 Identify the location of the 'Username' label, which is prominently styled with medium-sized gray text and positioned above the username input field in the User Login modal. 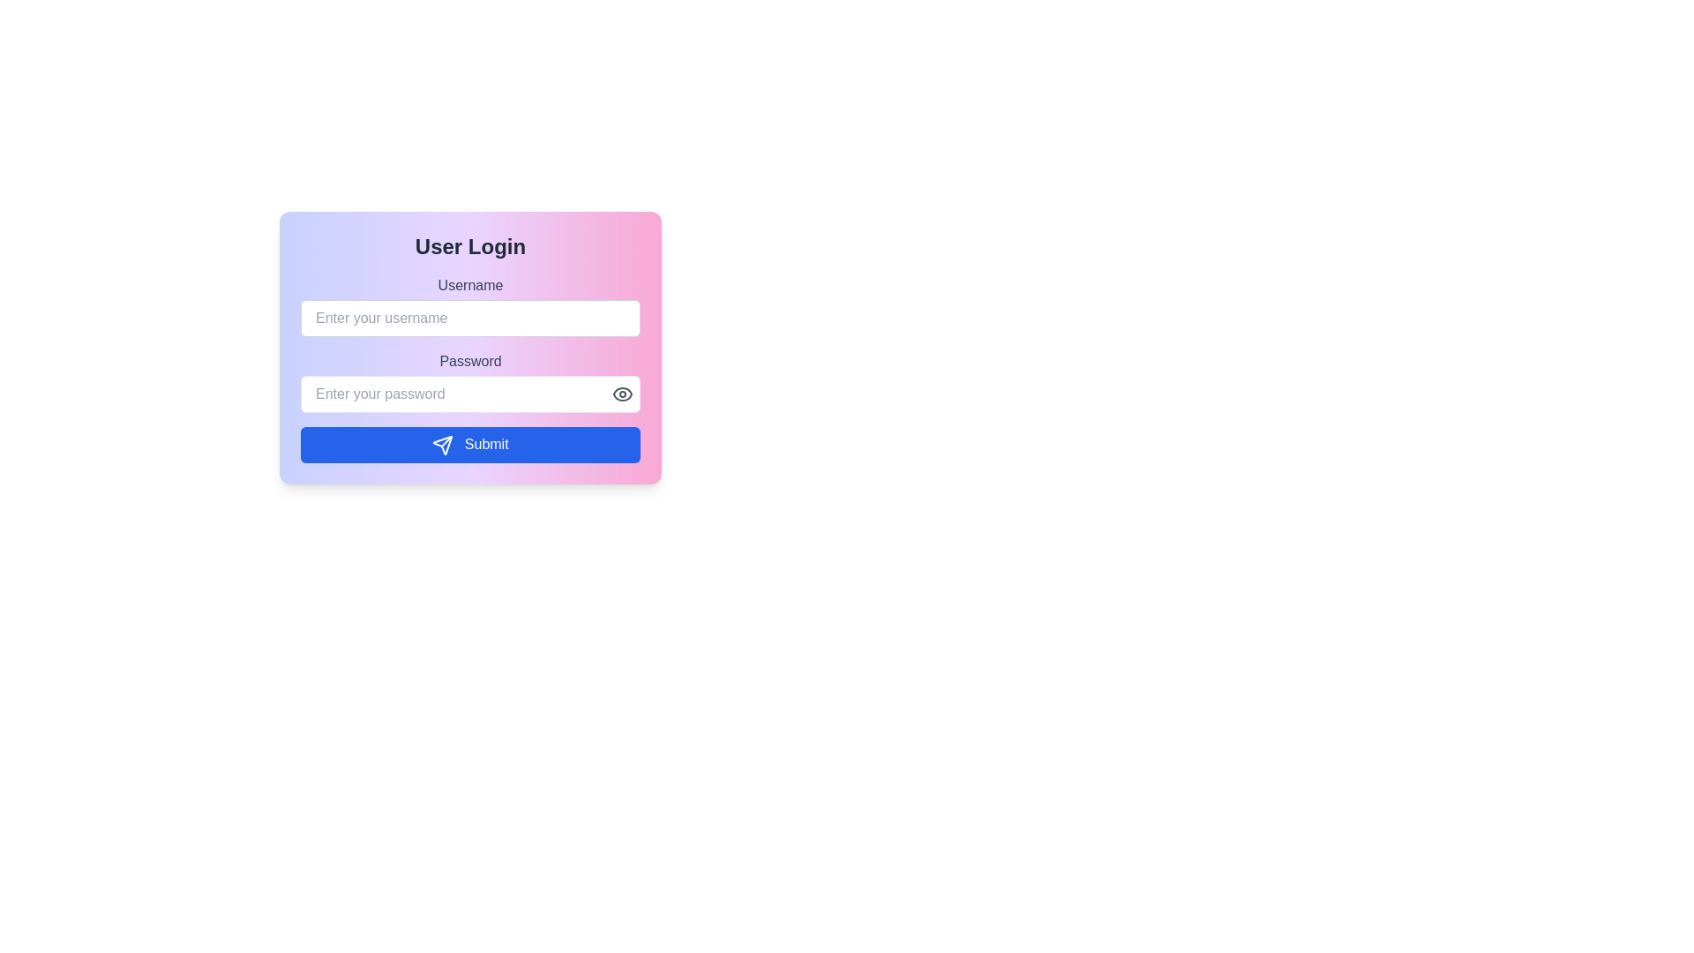
(470, 285).